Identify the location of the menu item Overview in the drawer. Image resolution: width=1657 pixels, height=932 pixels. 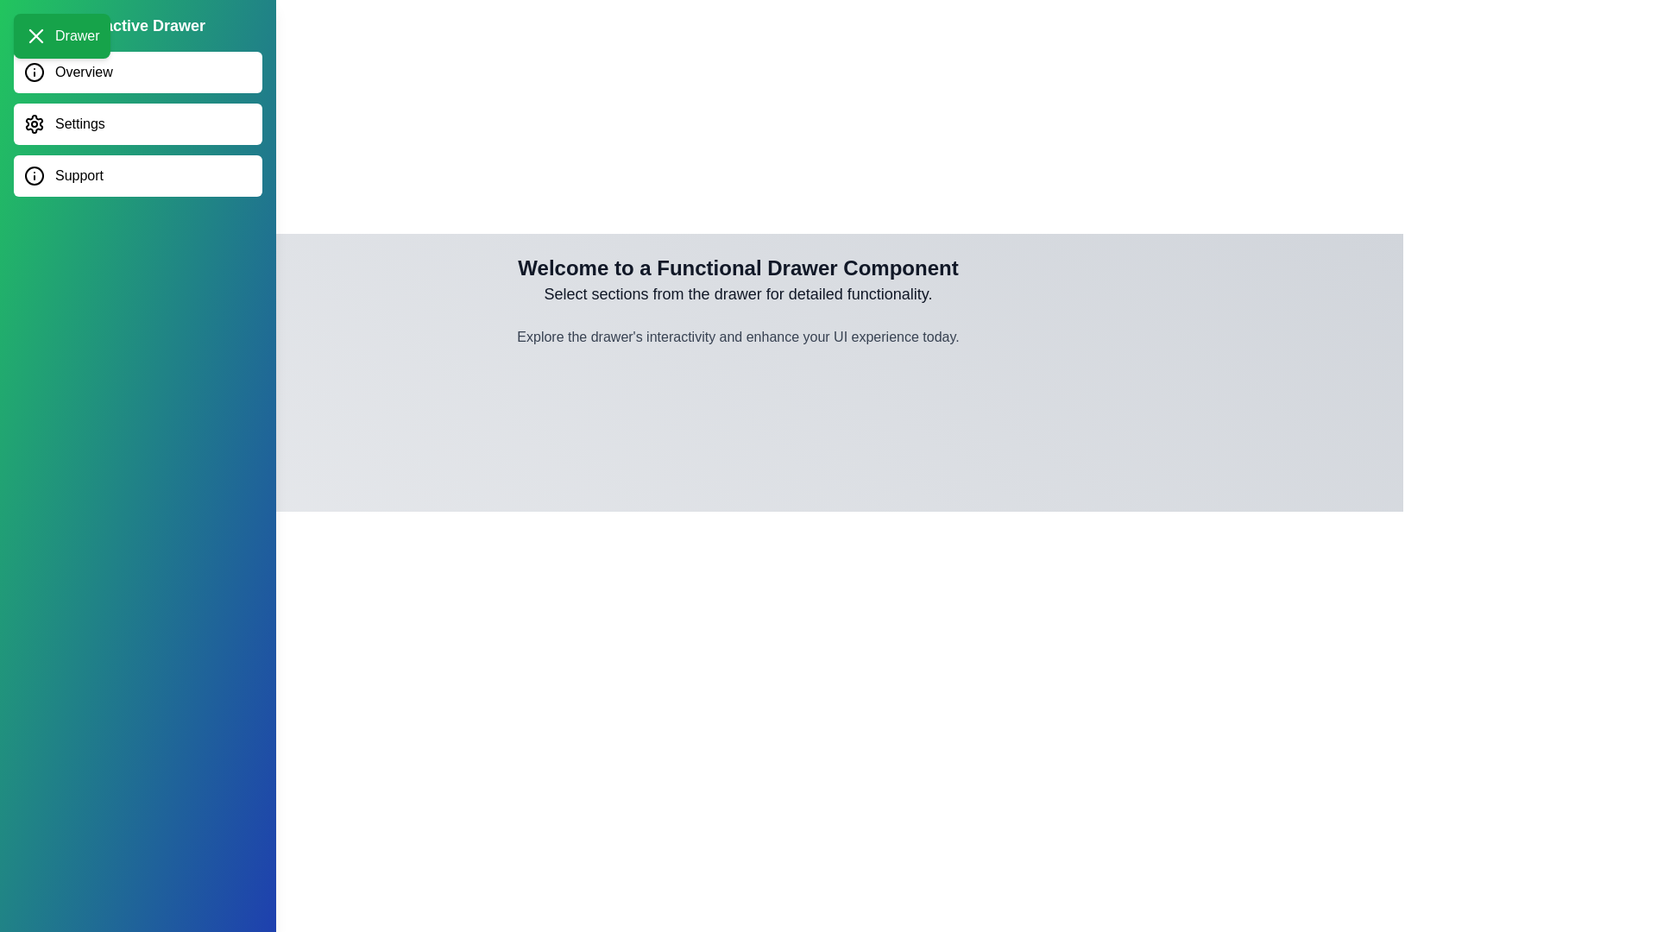
(136, 72).